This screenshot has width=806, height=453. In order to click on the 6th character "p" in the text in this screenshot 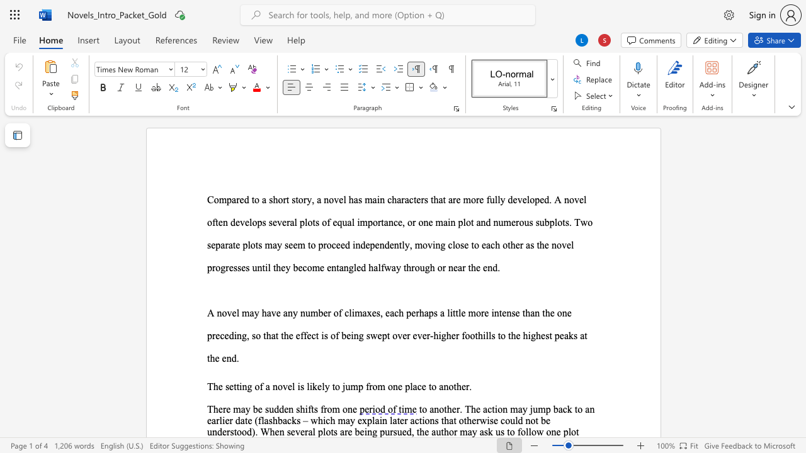, I will do `click(460, 221)`.